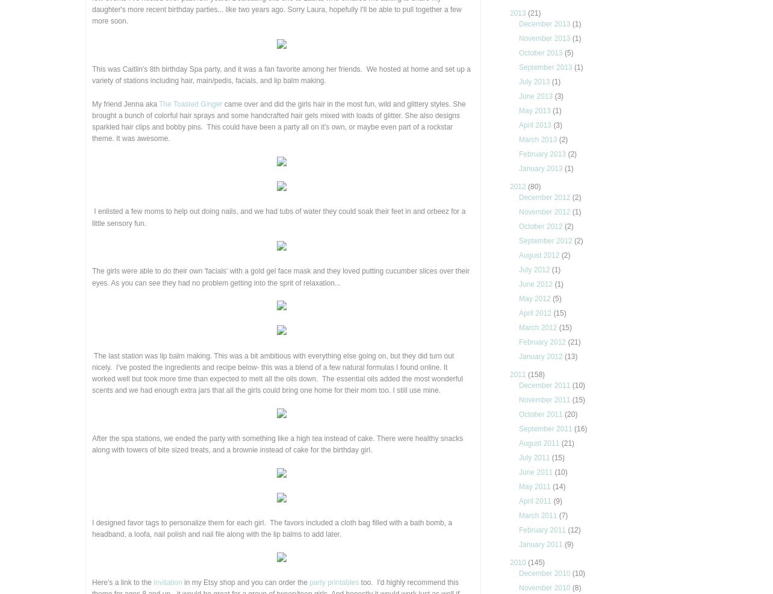  What do you see at coordinates (272, 528) in the screenshot?
I see `'I designed favor tags to personalize them for each girl.  The favors included a cloth bag filled with a bath bomb, a headband, a loofa, nail polish and nail file along with the lip balms to add later.'` at bounding box center [272, 528].